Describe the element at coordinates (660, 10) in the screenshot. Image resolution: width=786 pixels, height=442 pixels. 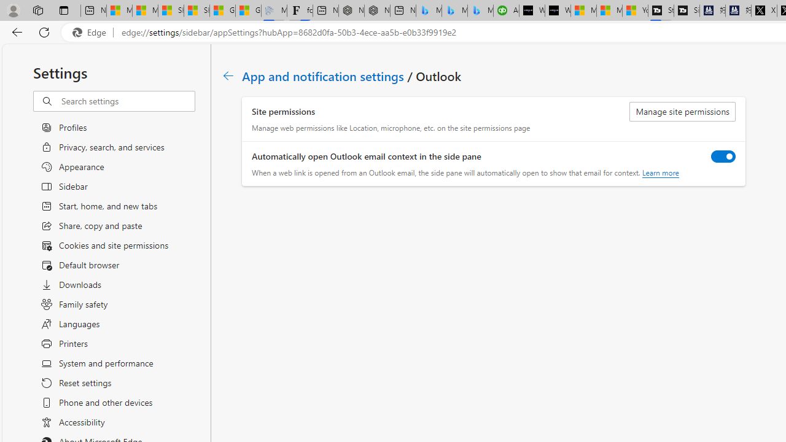
I see `'Streaming Coverage | T3'` at that location.